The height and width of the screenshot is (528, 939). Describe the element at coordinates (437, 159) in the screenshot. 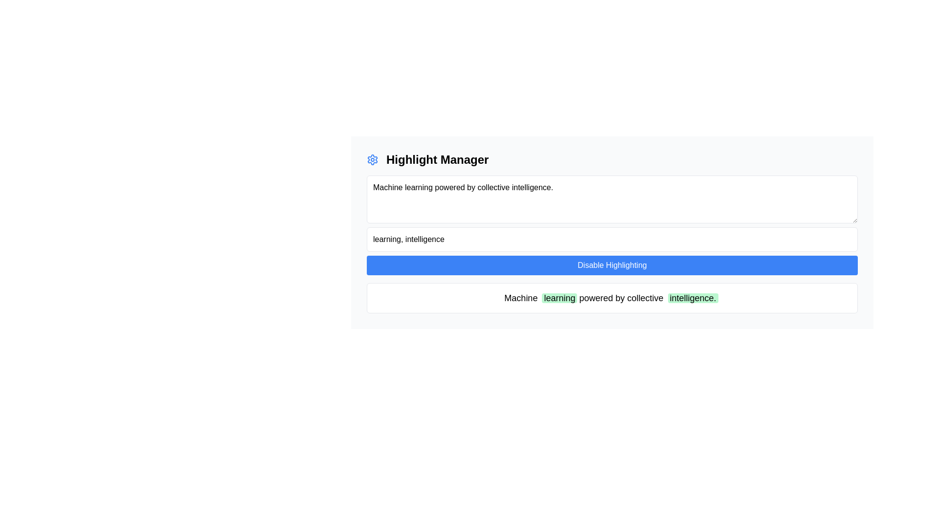

I see `the prominent Text Label with the content 'Highlight Manager', styled in large, bold font, positioned near the top left of its content section` at that location.